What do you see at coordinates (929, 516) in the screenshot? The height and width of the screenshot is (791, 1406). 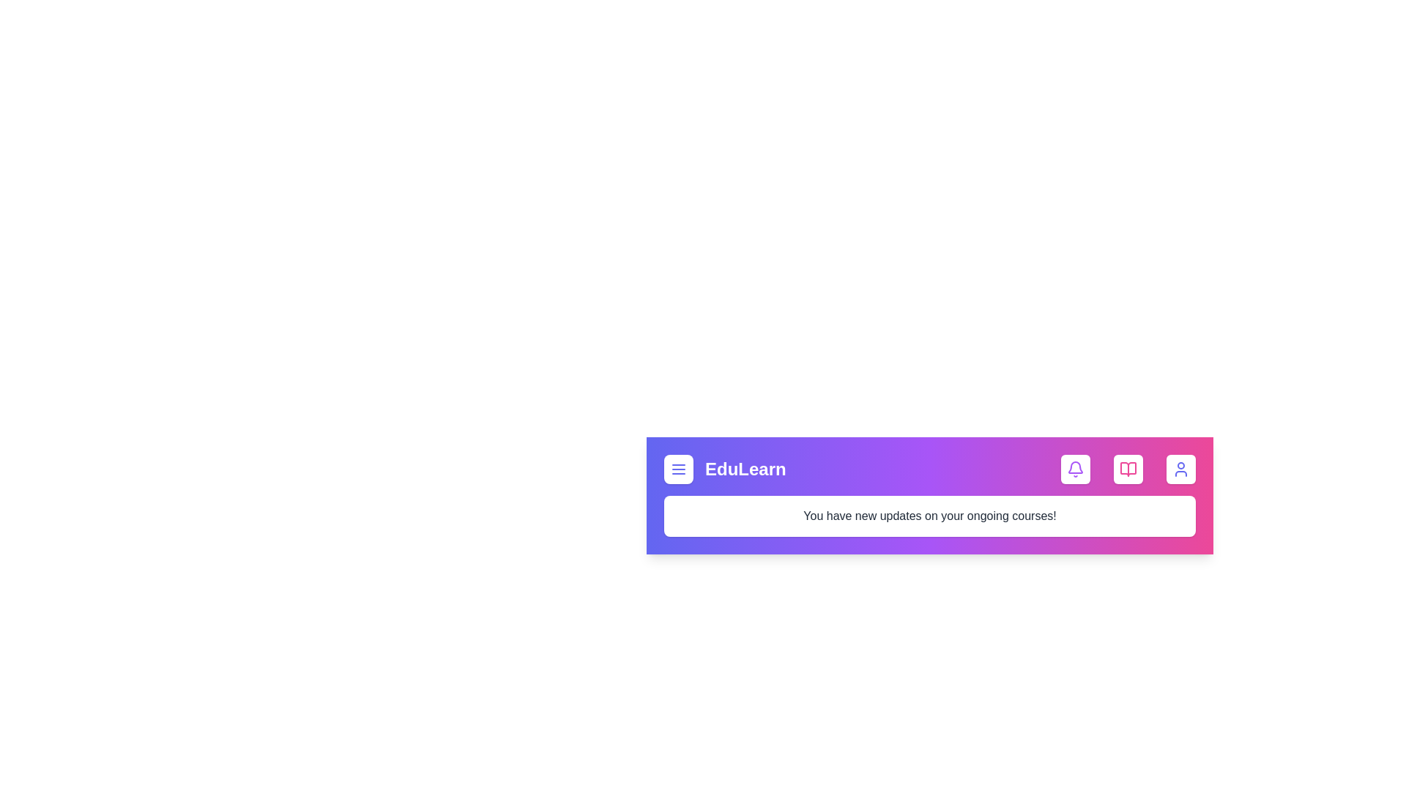 I see `the text 'You have new updates on your ongoing courses!' to select it` at bounding box center [929, 516].